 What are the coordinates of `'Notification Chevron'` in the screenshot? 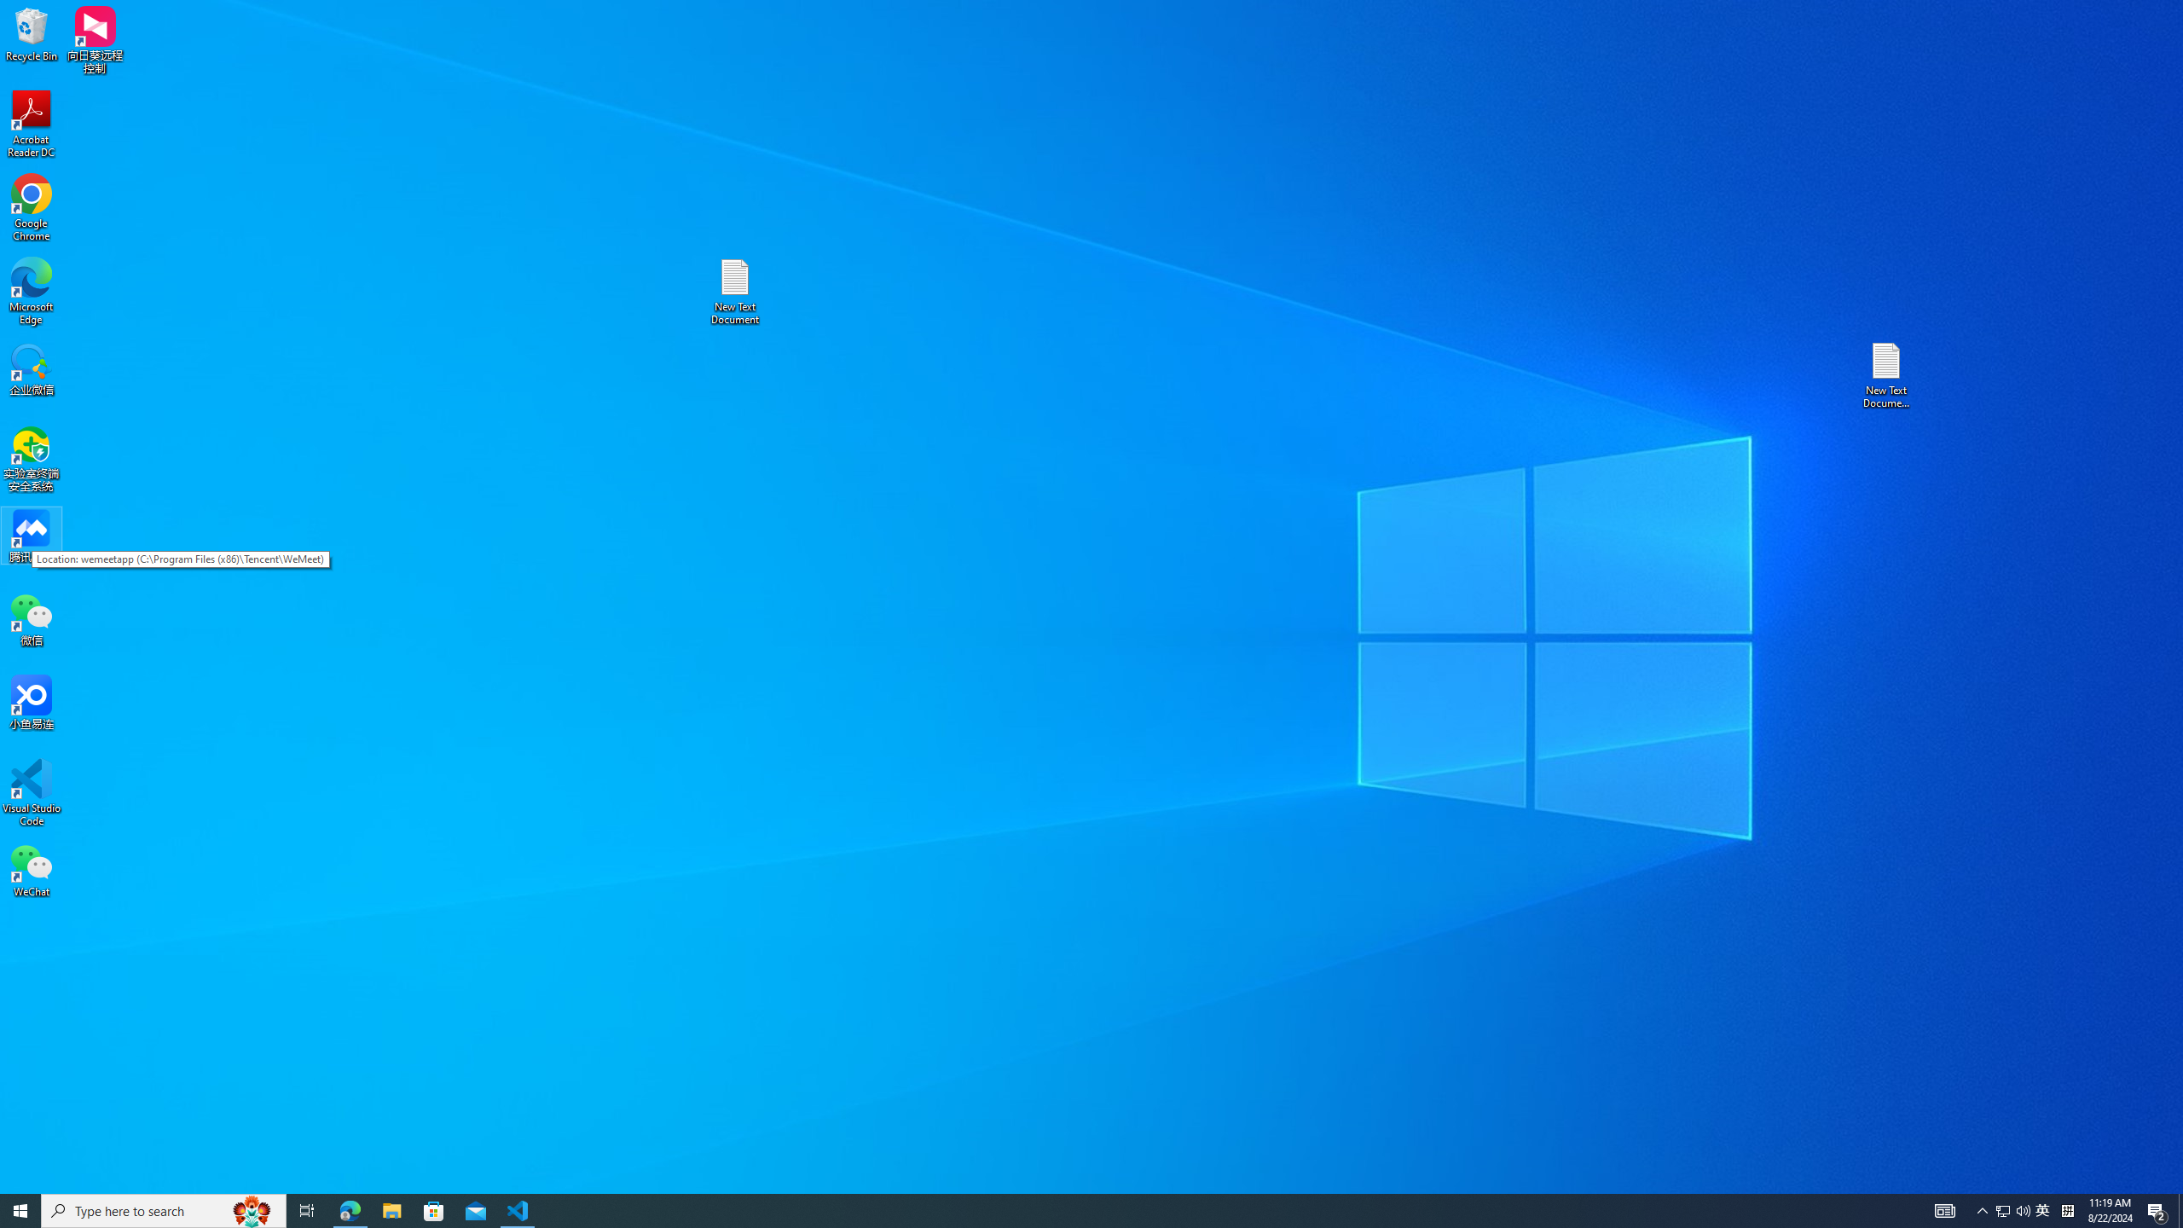 It's located at (1982, 1209).